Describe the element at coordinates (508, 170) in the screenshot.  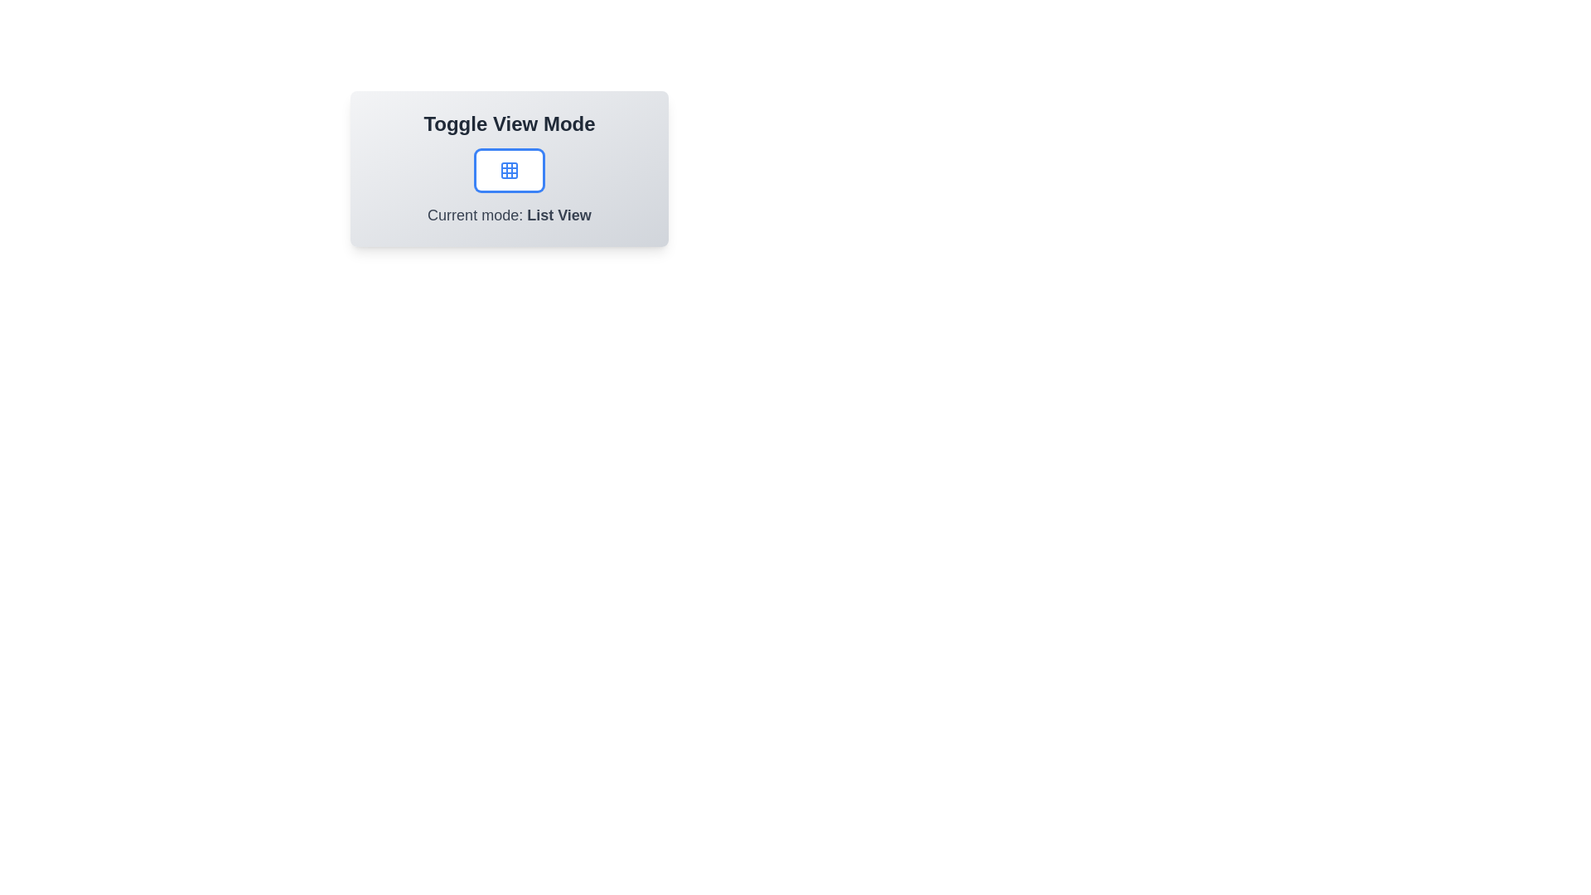
I see `the toggle button to switch the view mode` at that location.